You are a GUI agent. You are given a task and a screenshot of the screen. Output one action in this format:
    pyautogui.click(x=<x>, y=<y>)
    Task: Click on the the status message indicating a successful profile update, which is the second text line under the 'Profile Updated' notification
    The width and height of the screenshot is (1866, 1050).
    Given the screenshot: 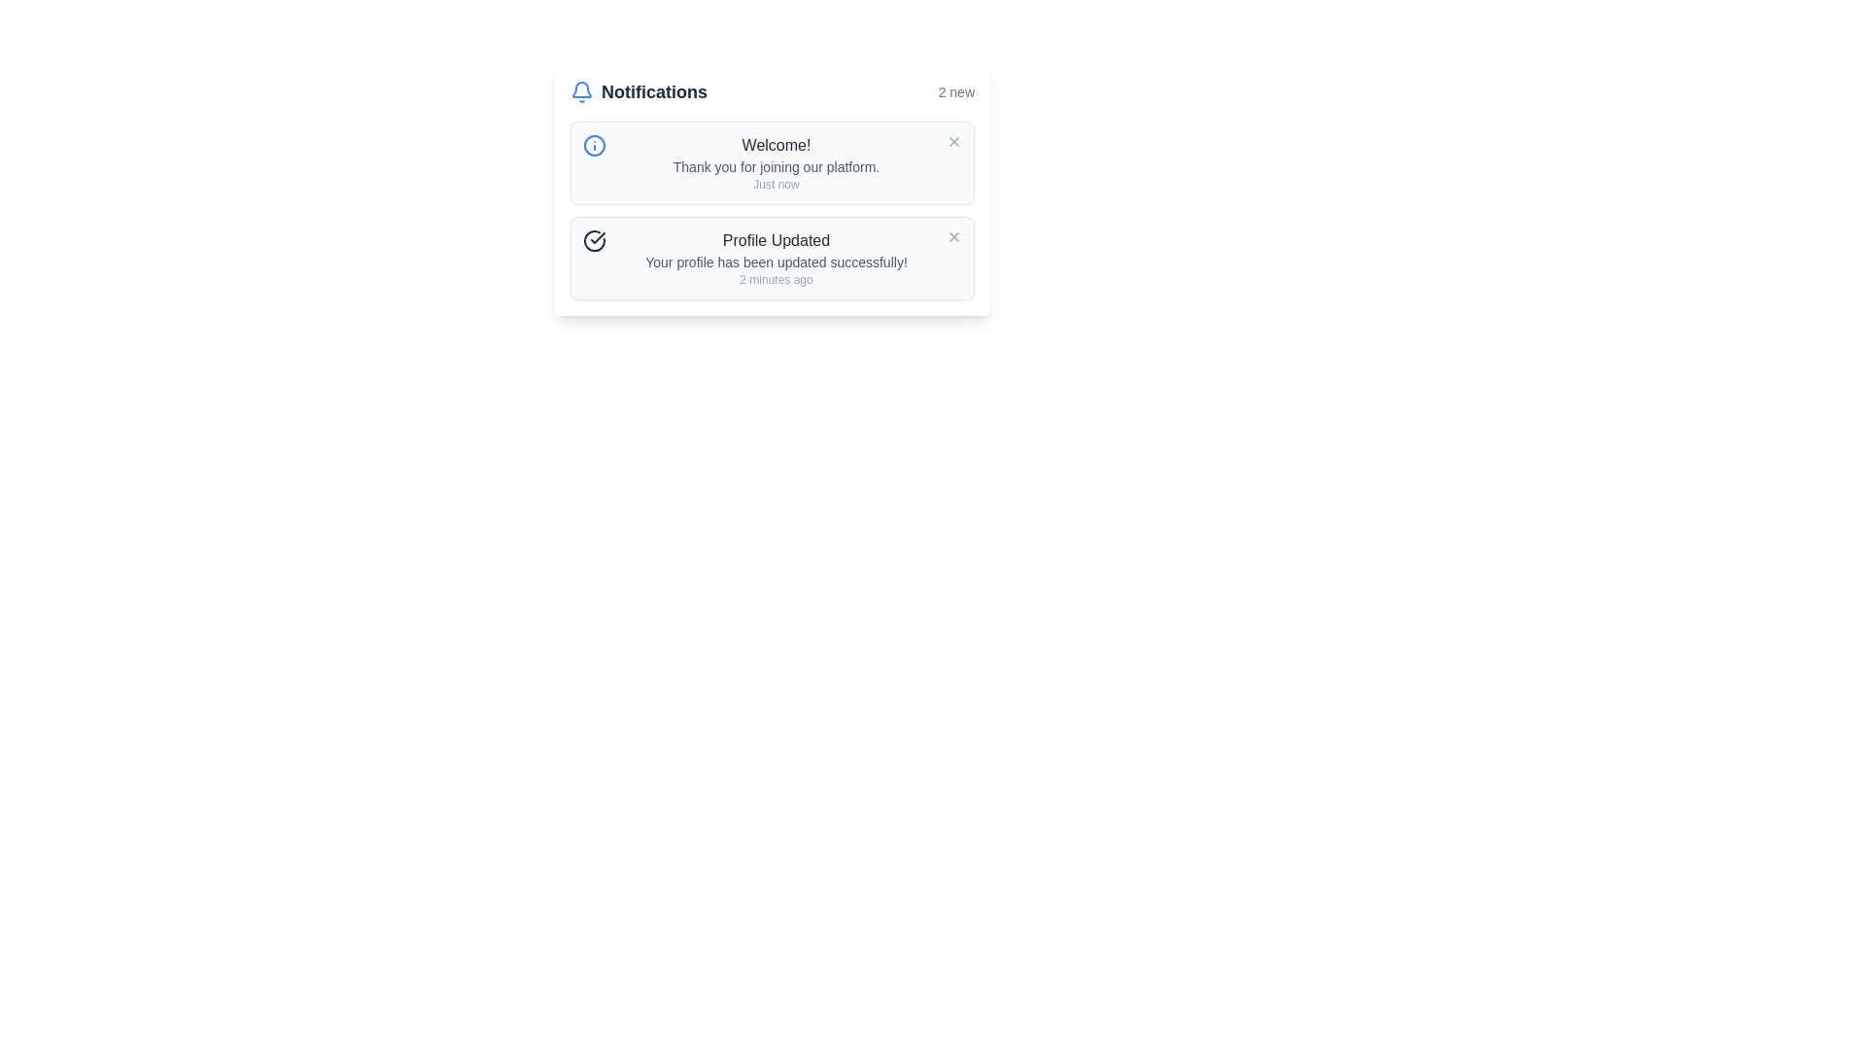 What is the action you would take?
    pyautogui.click(x=775, y=262)
    